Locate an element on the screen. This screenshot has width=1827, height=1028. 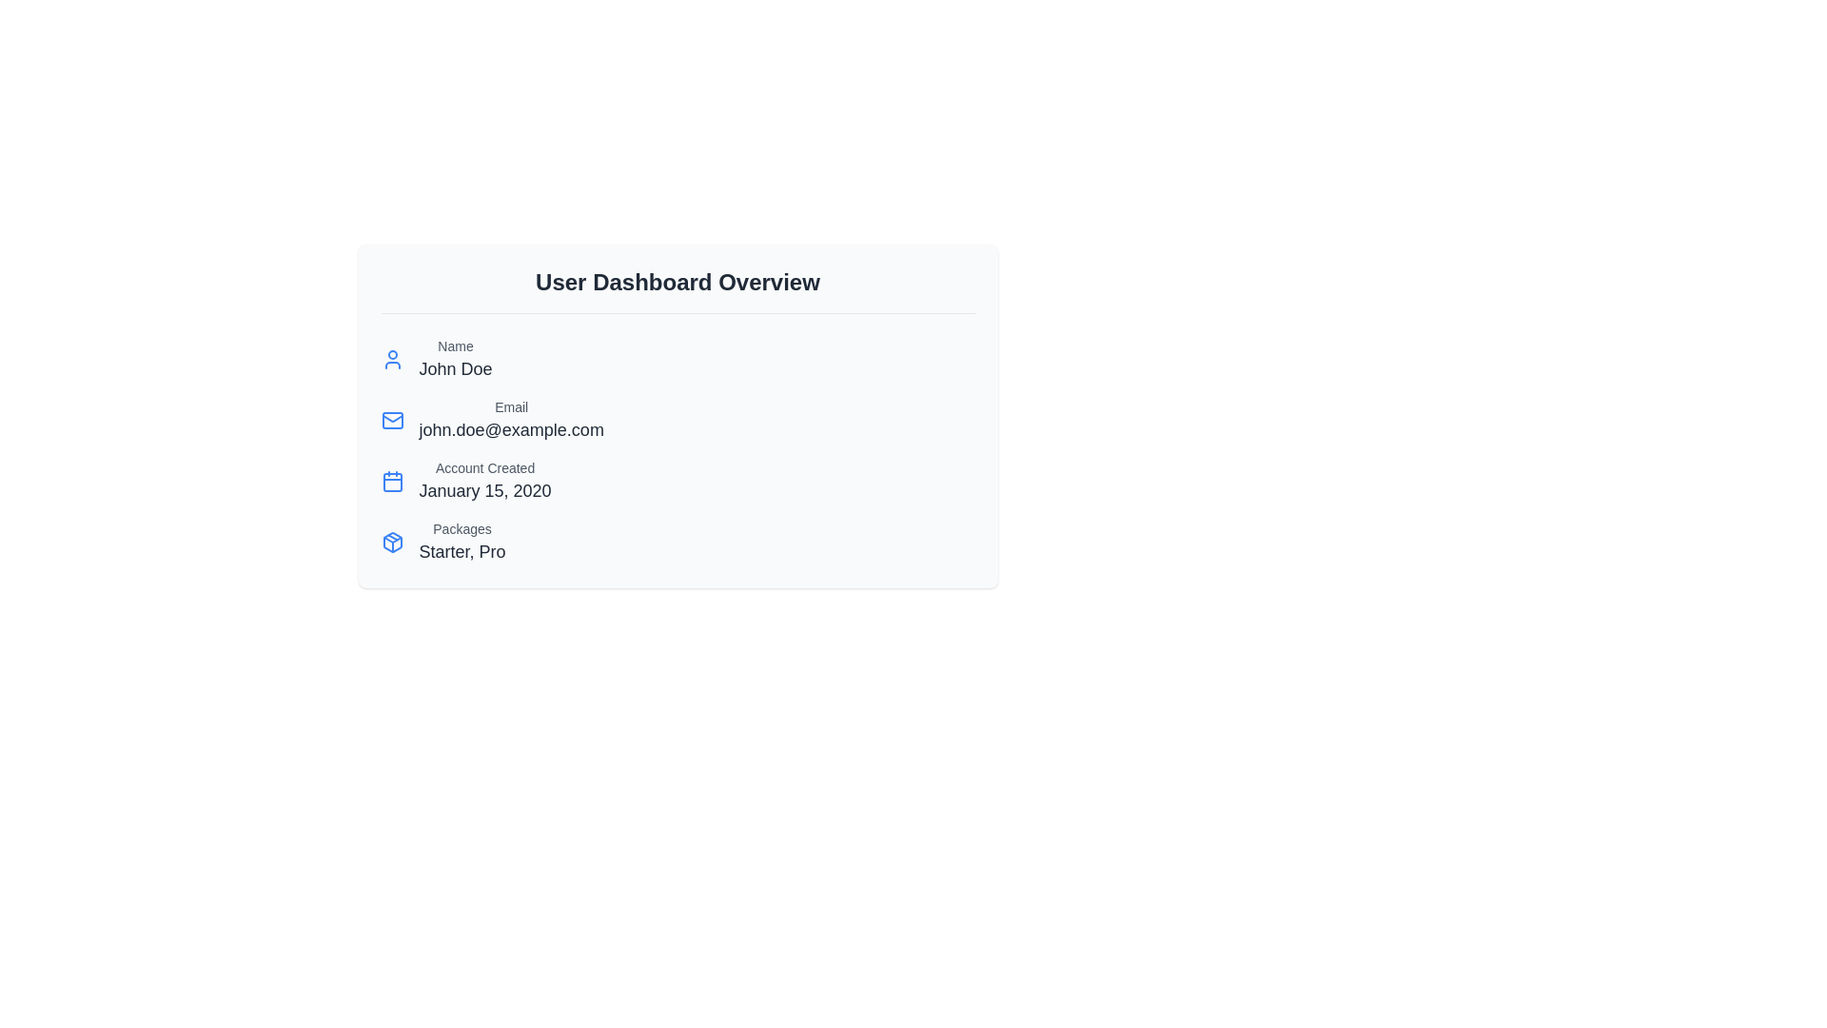
text heading for the 'User Dashboard Overview' section, which provides context for the user fields and data displayed below is located at coordinates (678, 290).